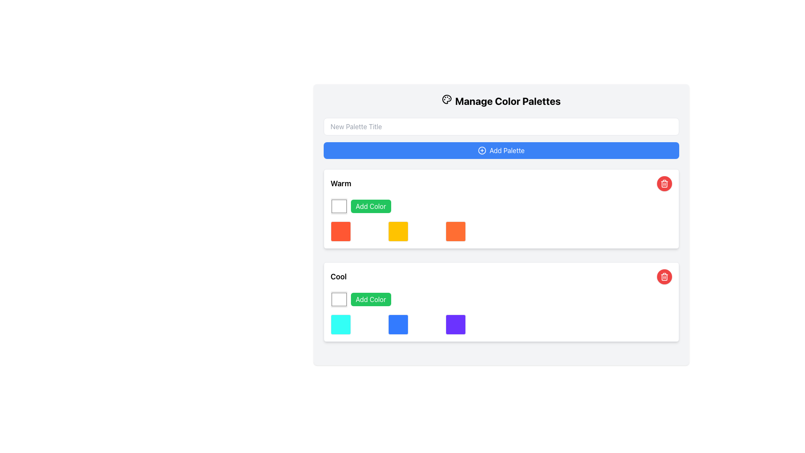 This screenshot has height=453, width=805. I want to click on the button used to add a new palette, located below the 'New Palette Title' text input field and above the 'Warm' section, so click(501, 150).